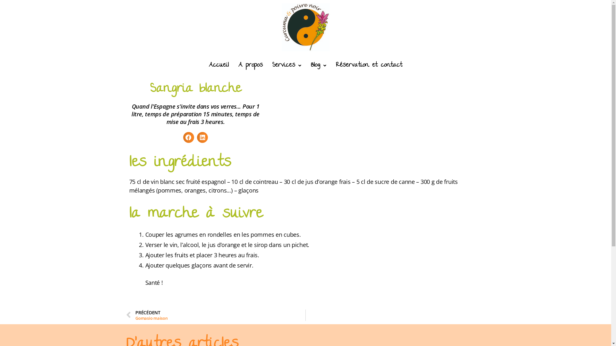 Image resolution: width=616 pixels, height=346 pixels. Describe the element at coordinates (250, 65) in the screenshot. I see `'A propos'` at that location.